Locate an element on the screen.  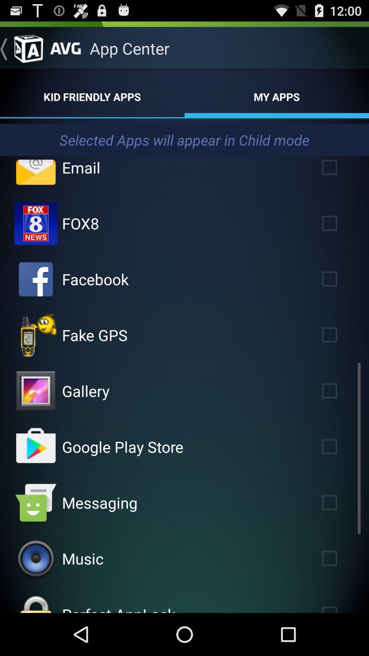
child mode is located at coordinates (339, 503).